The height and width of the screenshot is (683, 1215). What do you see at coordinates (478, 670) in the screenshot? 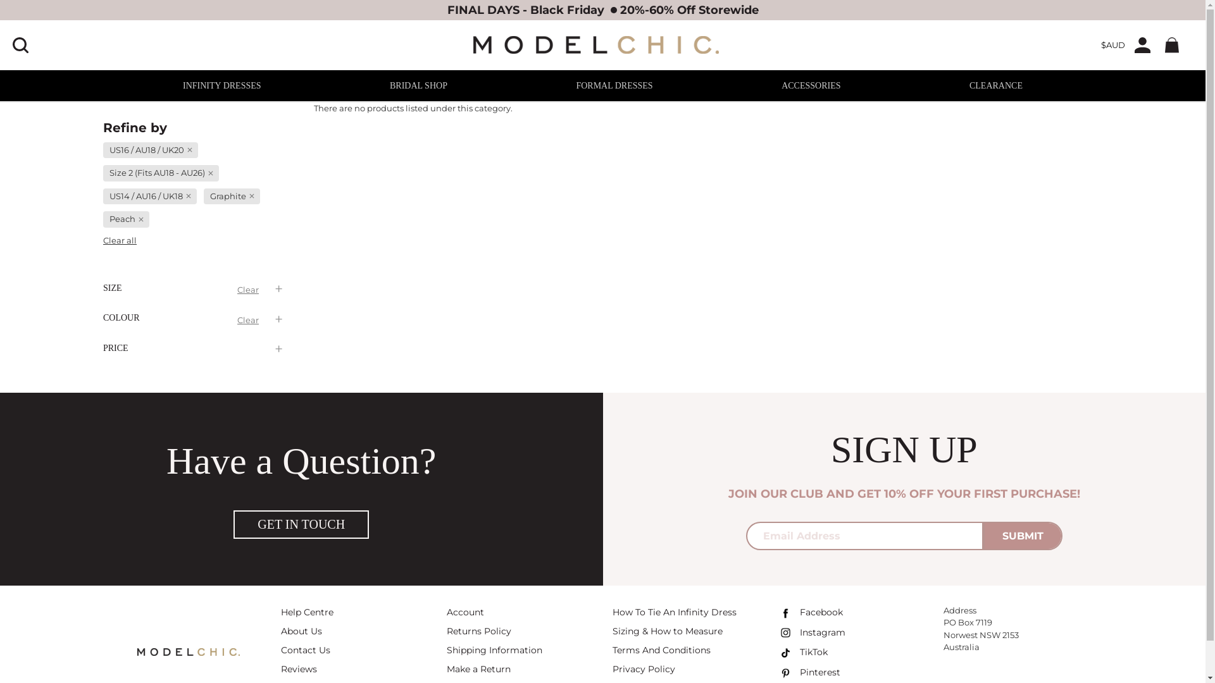
I see `'Make a Return'` at bounding box center [478, 670].